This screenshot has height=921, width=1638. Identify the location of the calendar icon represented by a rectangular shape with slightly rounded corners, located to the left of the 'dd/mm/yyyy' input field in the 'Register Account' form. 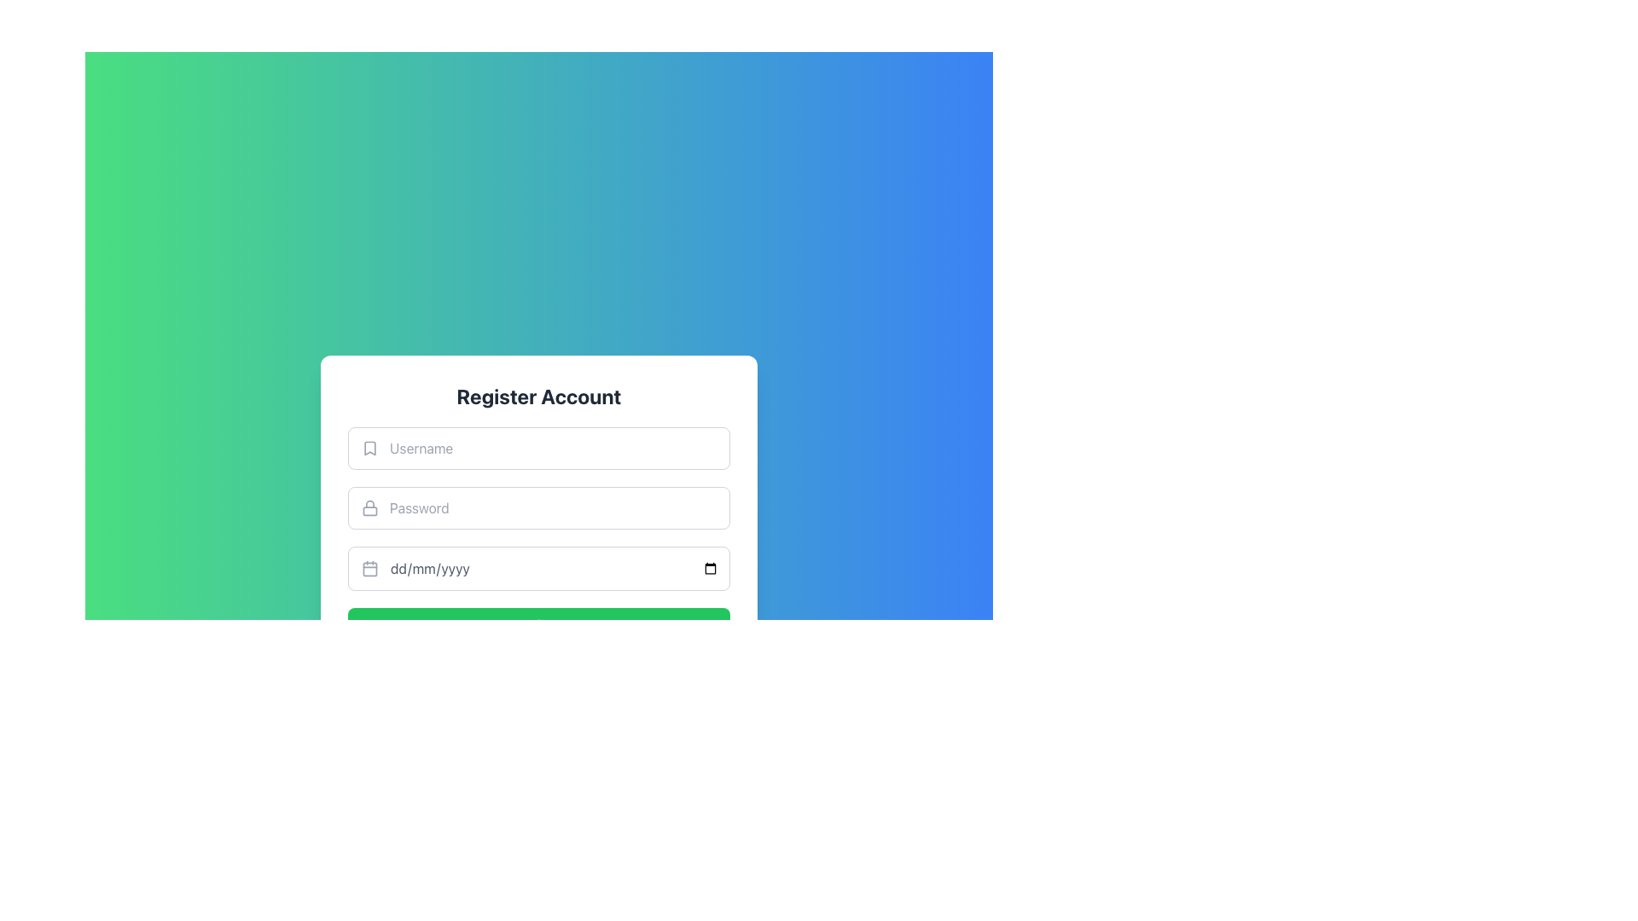
(369, 569).